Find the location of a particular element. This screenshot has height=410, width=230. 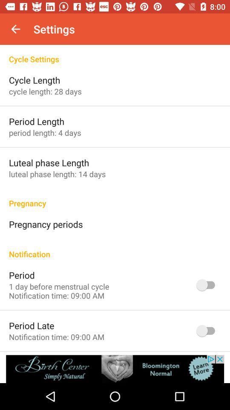

advertisement link is located at coordinates (115, 369).